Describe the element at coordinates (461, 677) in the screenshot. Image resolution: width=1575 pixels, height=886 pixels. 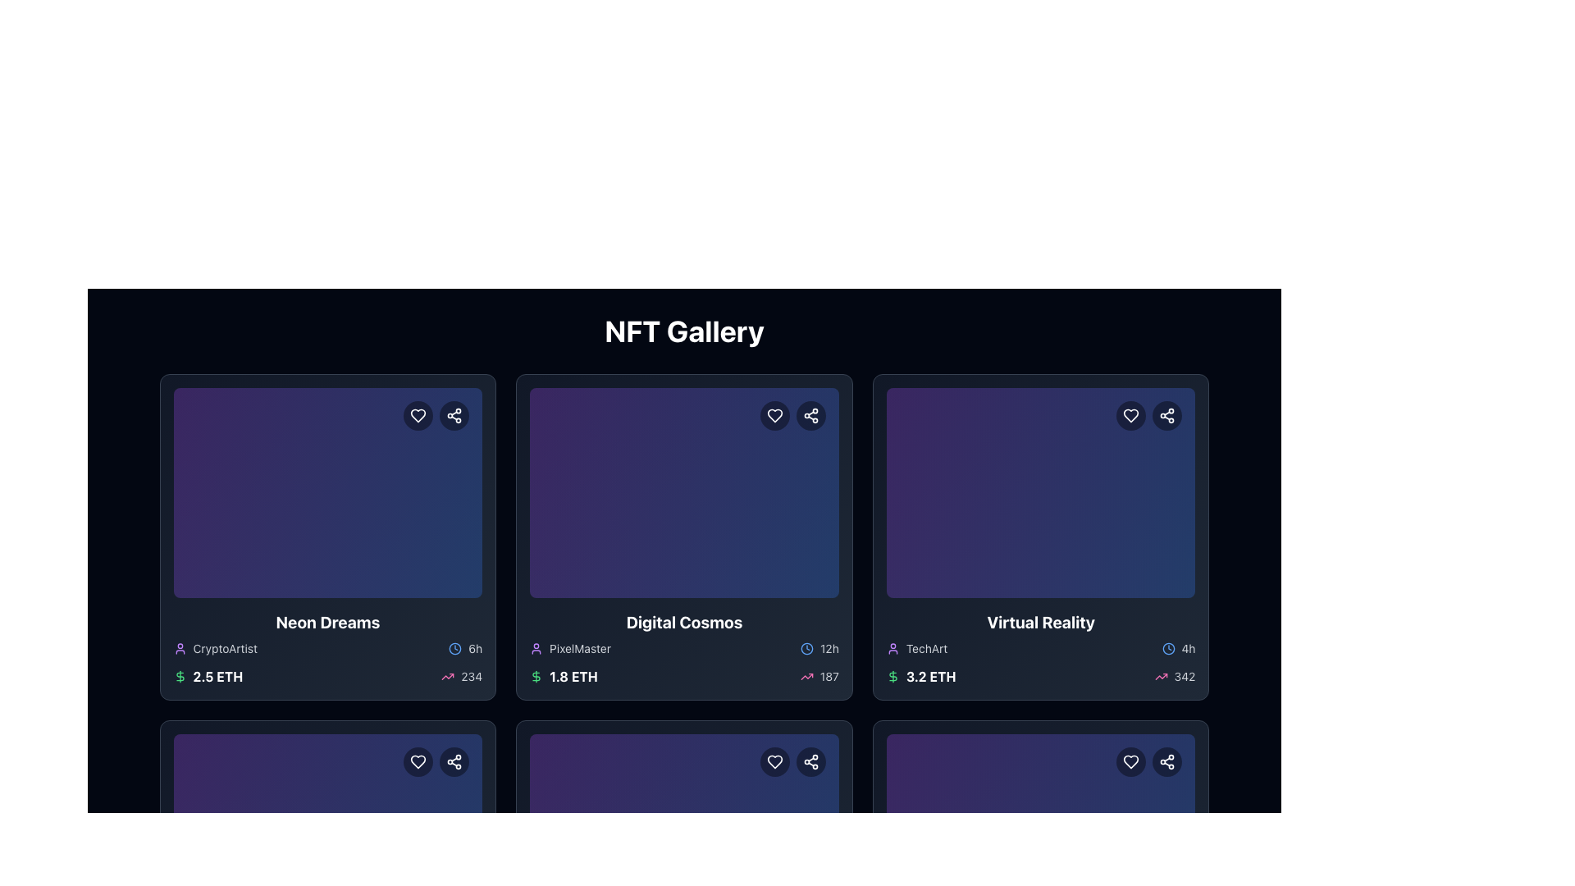
I see `the text element '234' with the pink upward trending arrow icon, located at the bottom-right corner of the card interface` at that location.